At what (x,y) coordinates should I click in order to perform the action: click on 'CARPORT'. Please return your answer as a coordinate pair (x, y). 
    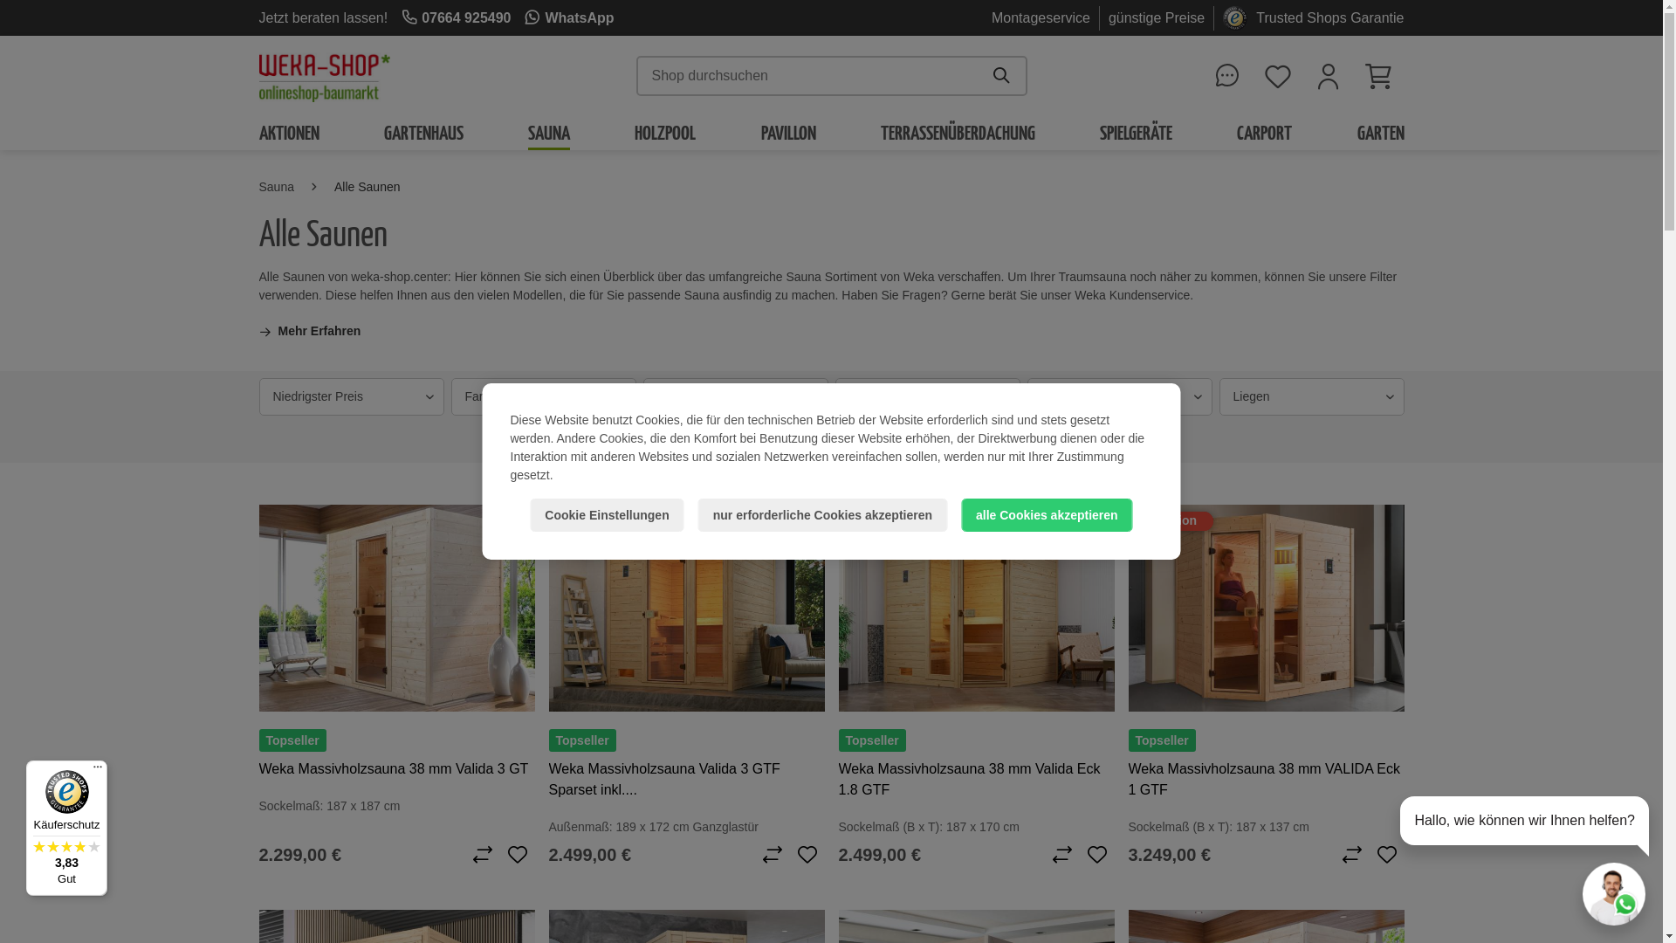
    Looking at the image, I should click on (1264, 130).